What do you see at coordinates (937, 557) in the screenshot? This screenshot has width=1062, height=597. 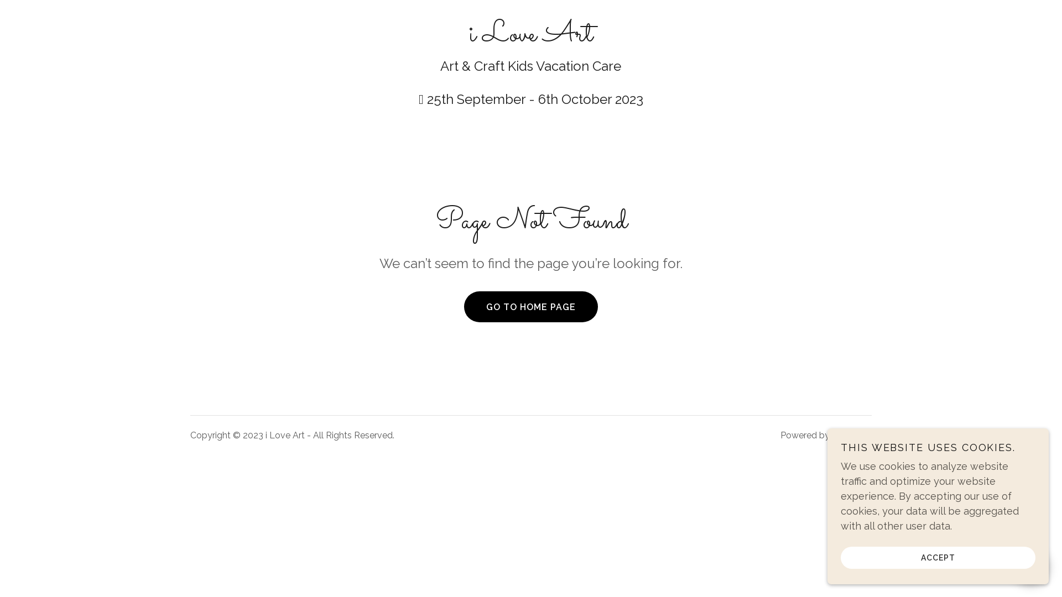 I see `'ACCEPT'` at bounding box center [937, 557].